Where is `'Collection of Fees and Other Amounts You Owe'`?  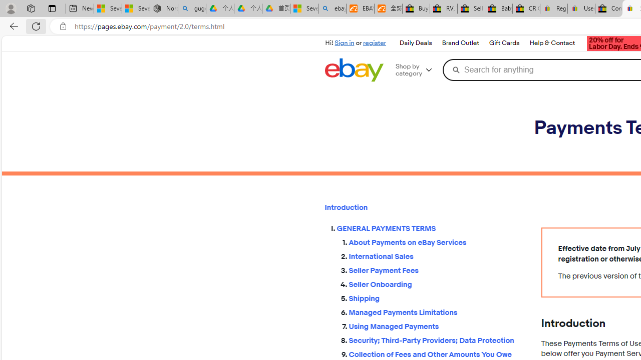 'Collection of Fees and Other Amounts You Owe' is located at coordinates (437, 352).